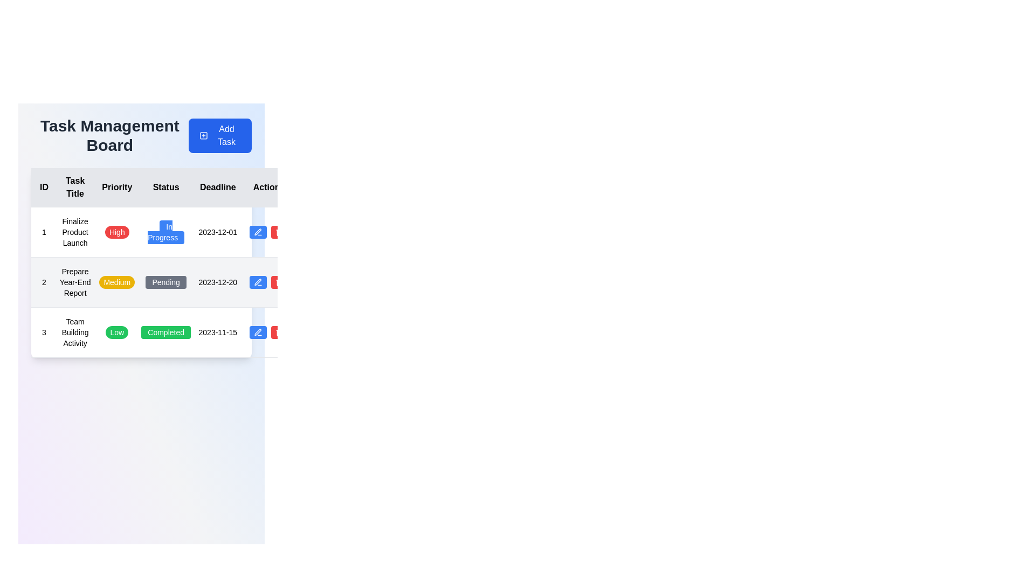 The image size is (1035, 582). Describe the element at coordinates (74, 232) in the screenshot. I see `text of the table cell containing the task title 'Finalize Product Launch', which is located in the first data row under the 'Task Title' column` at that location.